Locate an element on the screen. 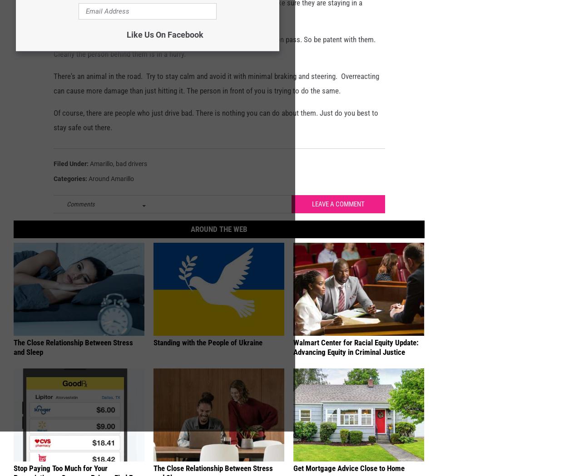  'Standing with the People of Ukraine' is located at coordinates (207, 357).